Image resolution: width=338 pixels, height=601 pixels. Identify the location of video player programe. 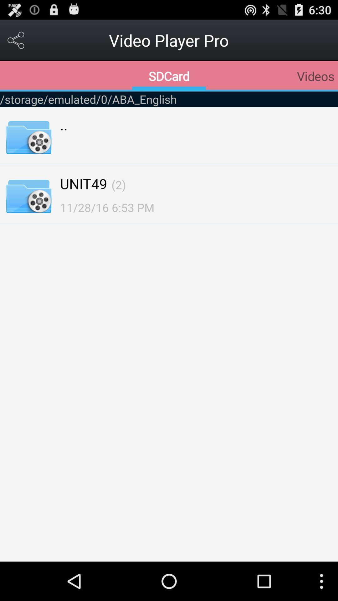
(16, 40).